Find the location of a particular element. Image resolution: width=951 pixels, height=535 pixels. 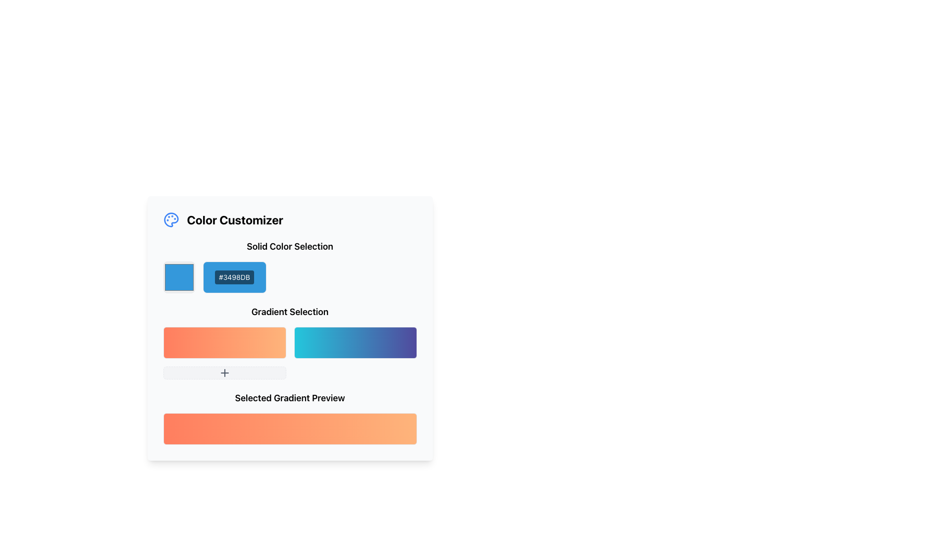

the text label displaying the hex color value '#3498DB', which has white text on a semi-transparent black background within the 'Solid Color Selection' section is located at coordinates (234, 277).